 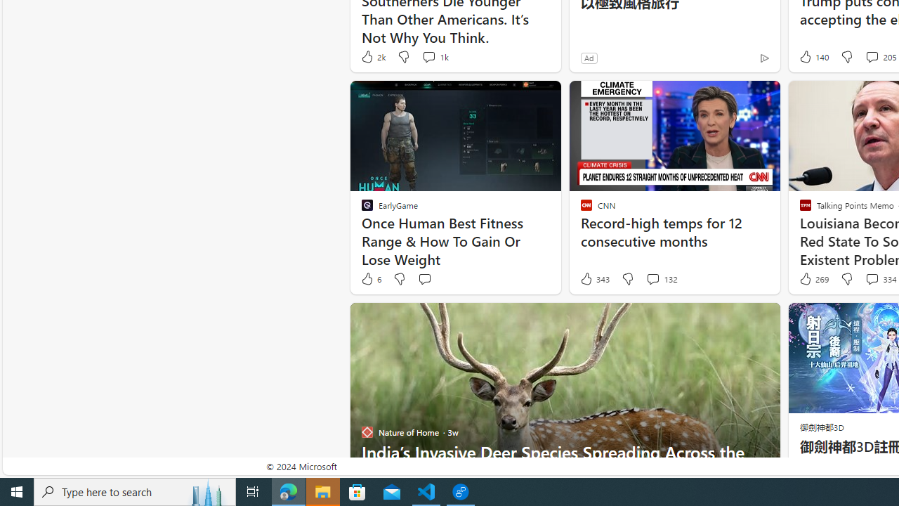 I want to click on 'Hide this story', so click(x=737, y=320).